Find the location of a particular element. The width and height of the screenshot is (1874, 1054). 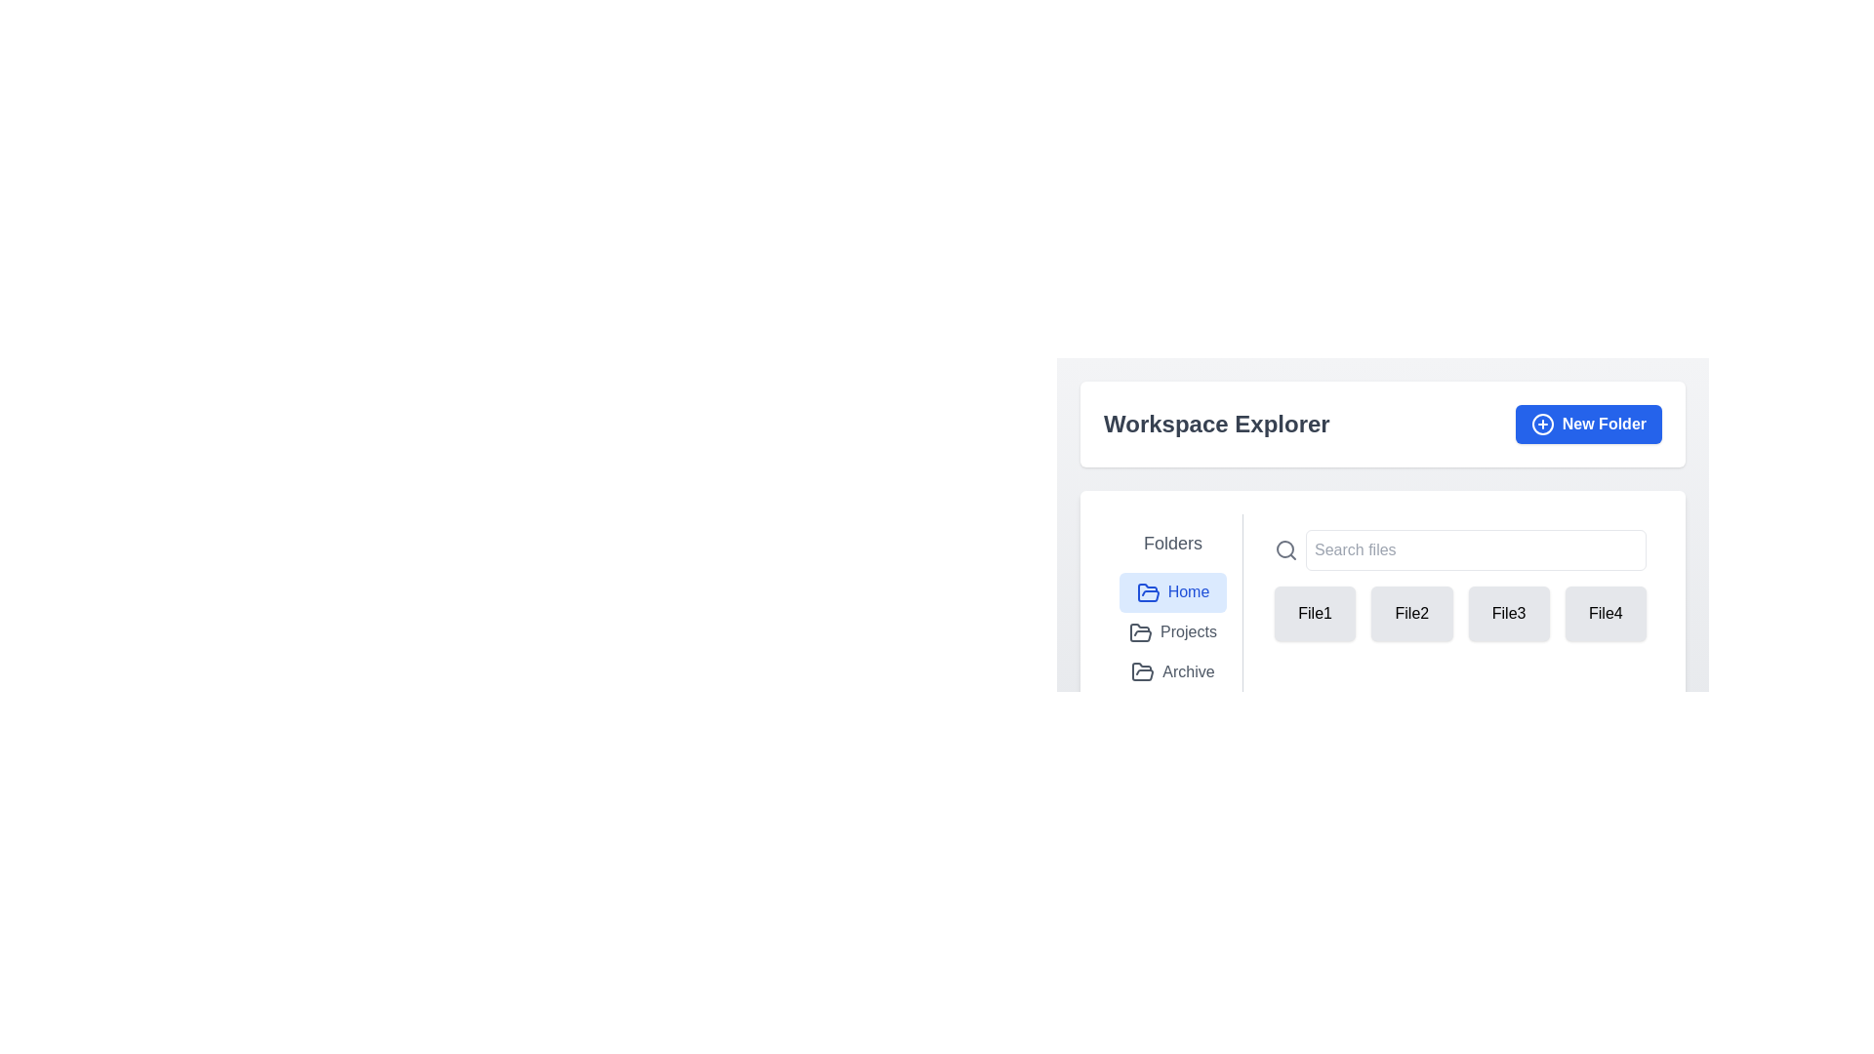

the open folder icon located to the left of the 'Projects' text in the folder navigation menu under the 'Folders' section is located at coordinates (1141, 632).